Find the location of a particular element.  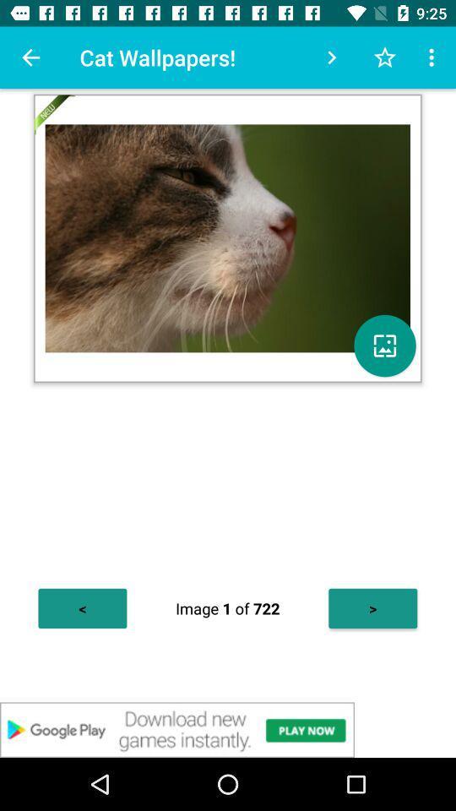

advertisement in new app is located at coordinates (228, 729).